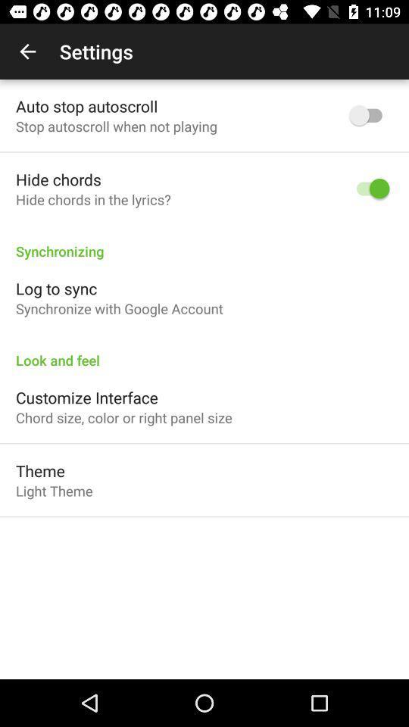 The image size is (409, 727). Describe the element at coordinates (86, 397) in the screenshot. I see `customize interface` at that location.